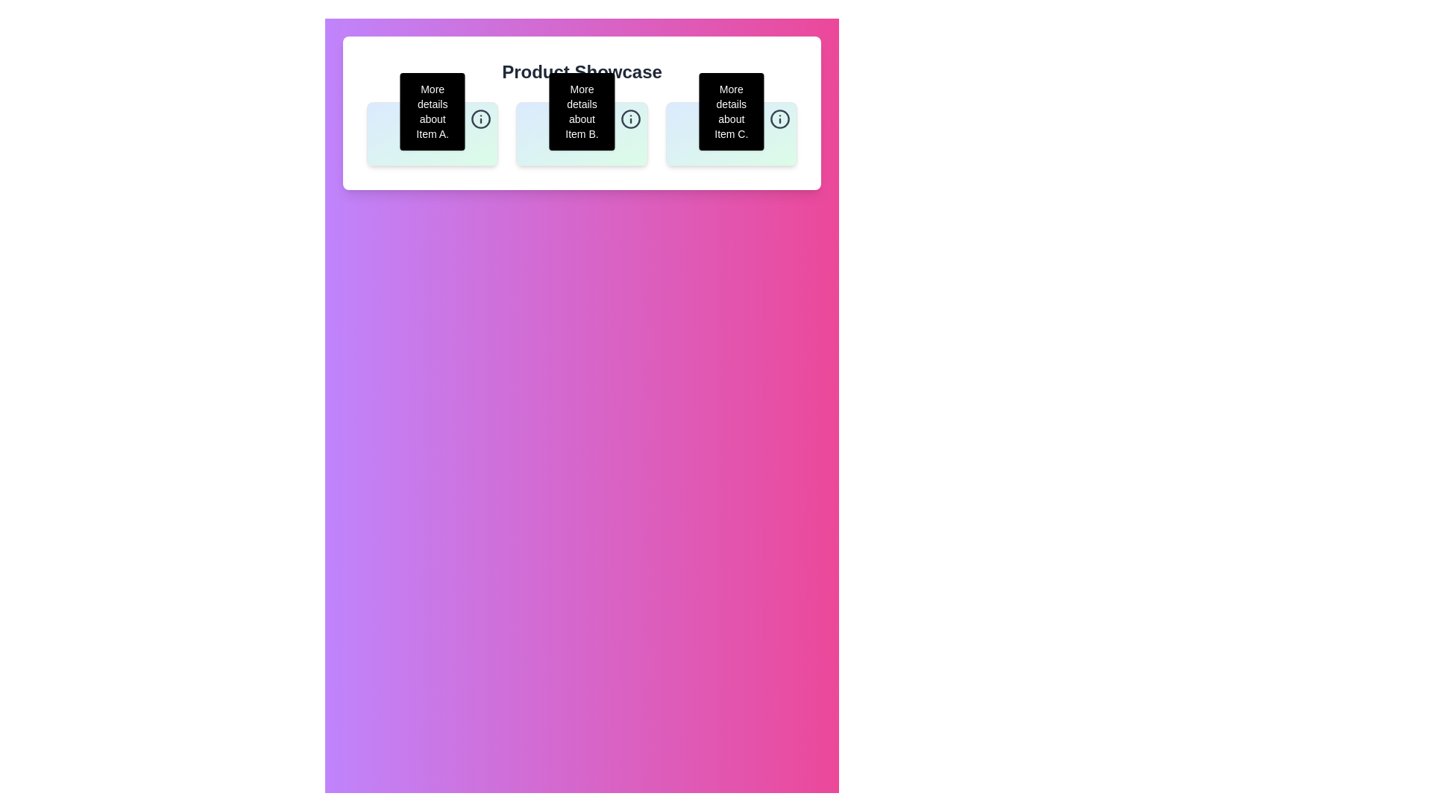 The image size is (1432, 805). I want to click on the information icon located in the top-right corner of the 'Item B' card, so click(630, 118).